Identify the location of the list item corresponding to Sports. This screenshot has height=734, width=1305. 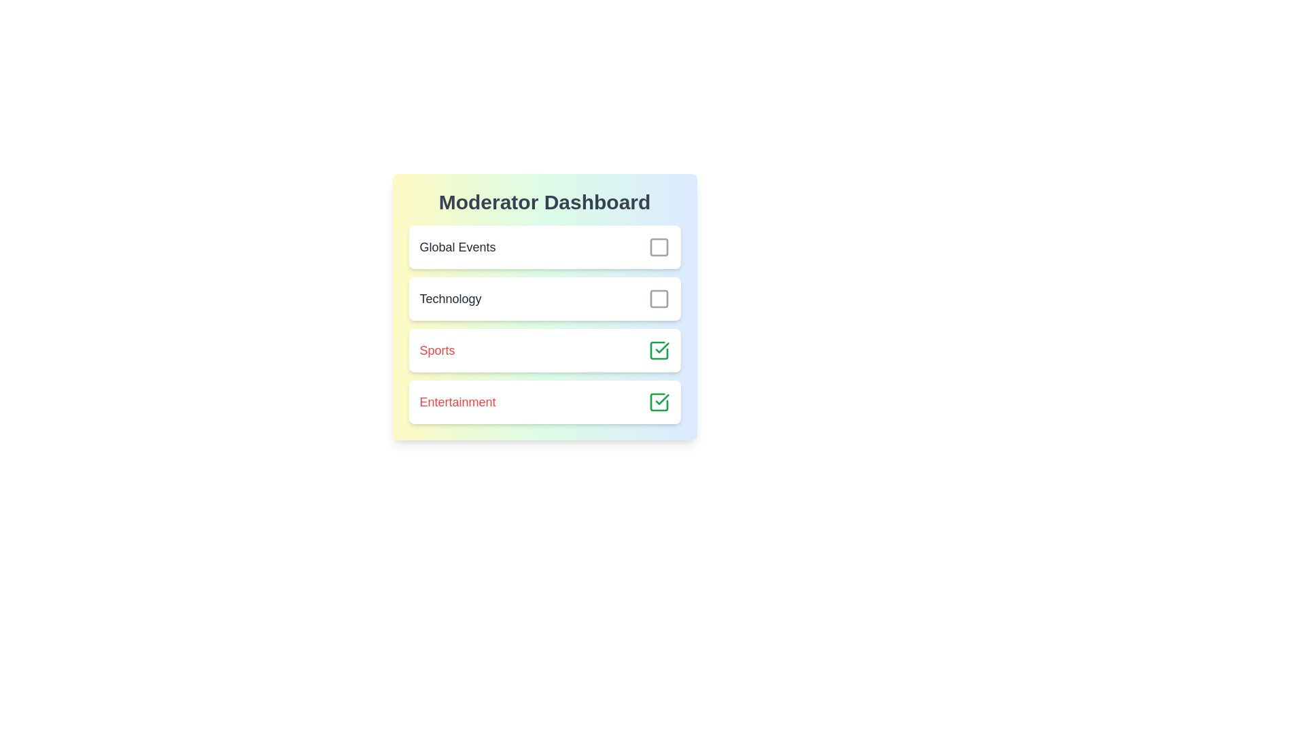
(544, 350).